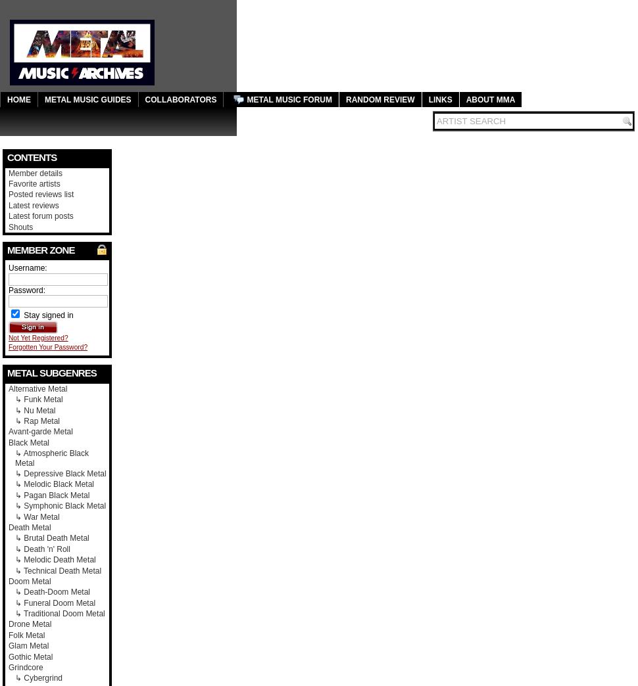 Image resolution: width=638 pixels, height=686 pixels. What do you see at coordinates (37, 677) in the screenshot?
I see `'↳ Cybergrind'` at bounding box center [37, 677].